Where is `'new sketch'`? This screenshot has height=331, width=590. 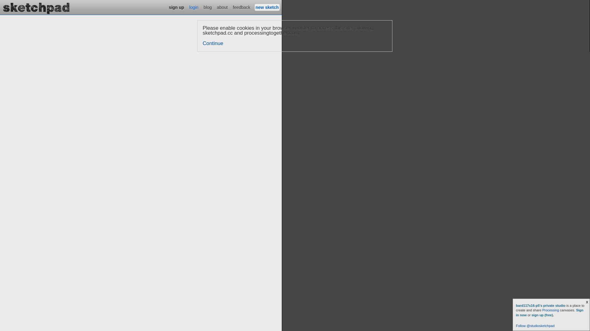
'new sketch' is located at coordinates (267, 7).